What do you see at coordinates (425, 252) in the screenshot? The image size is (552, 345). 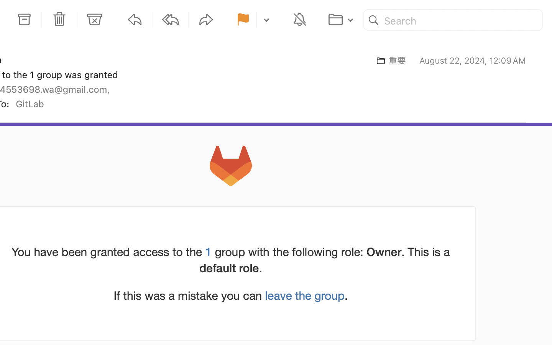 I see `'. This is a'` at bounding box center [425, 252].